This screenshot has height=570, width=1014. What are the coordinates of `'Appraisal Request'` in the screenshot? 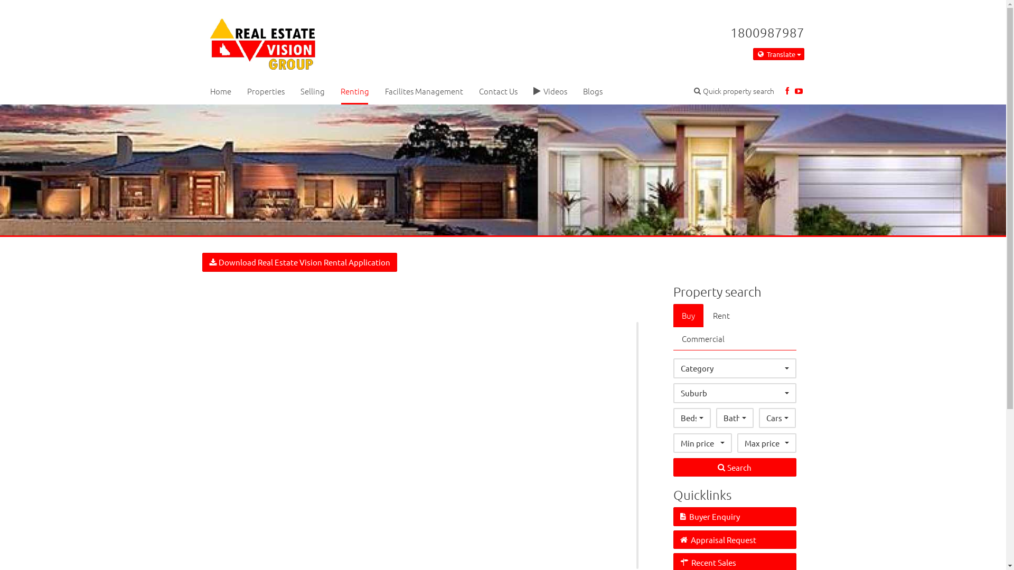 It's located at (673, 539).